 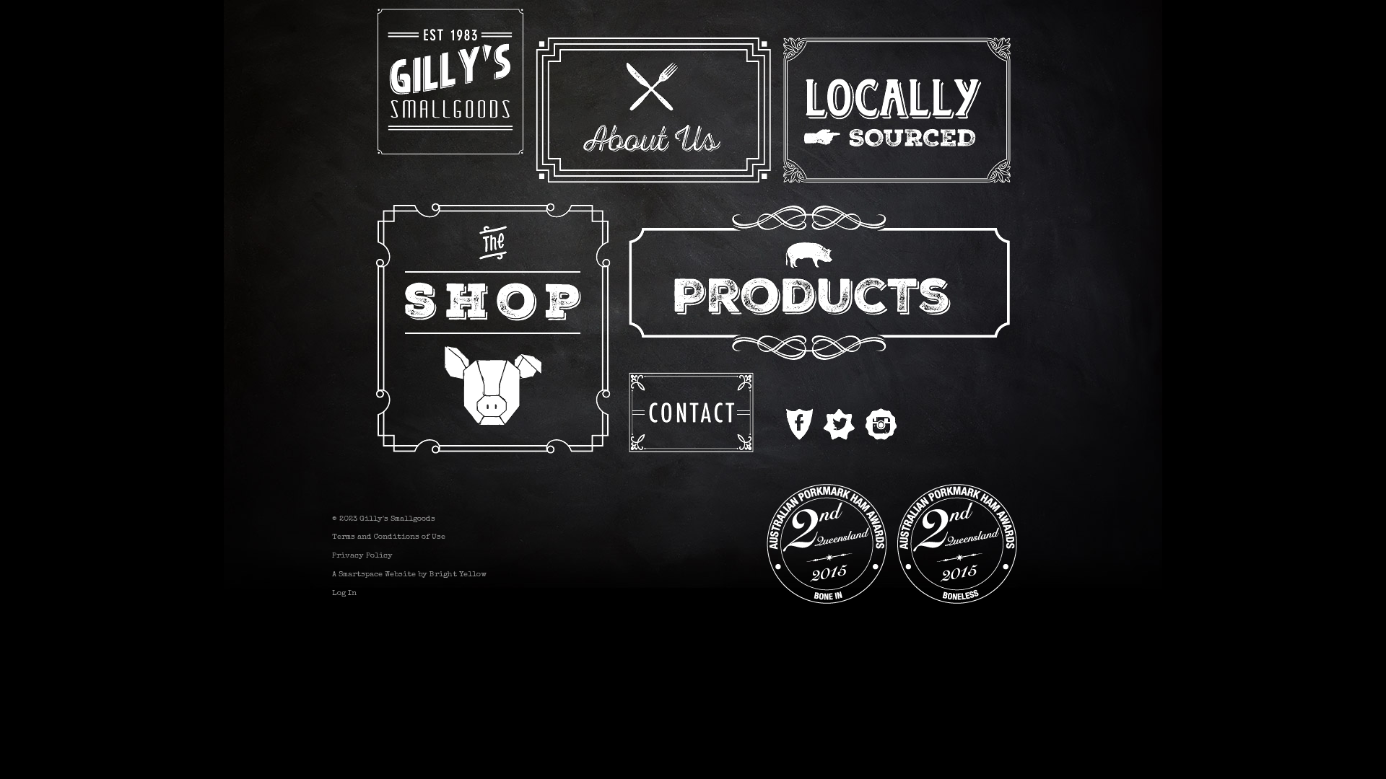 I want to click on 'Instagram', so click(x=883, y=422).